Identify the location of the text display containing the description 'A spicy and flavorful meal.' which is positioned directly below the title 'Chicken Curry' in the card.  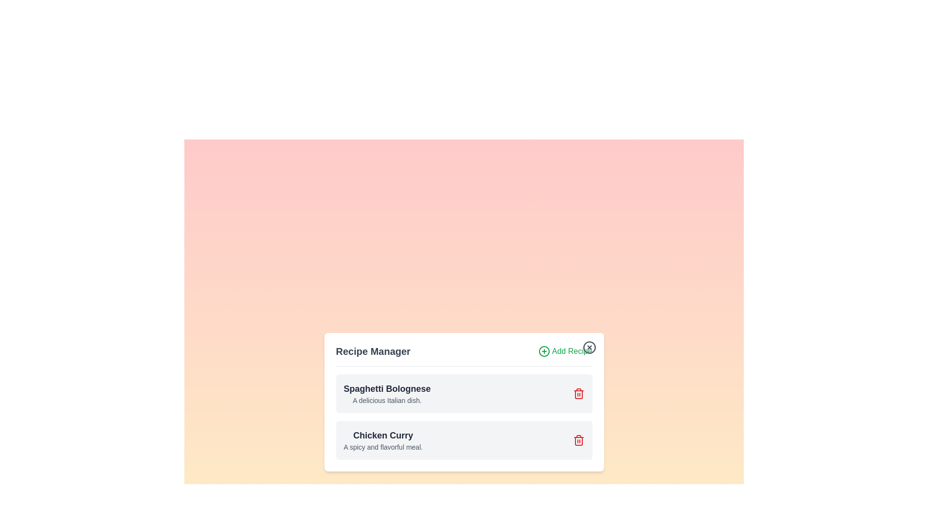
(382, 447).